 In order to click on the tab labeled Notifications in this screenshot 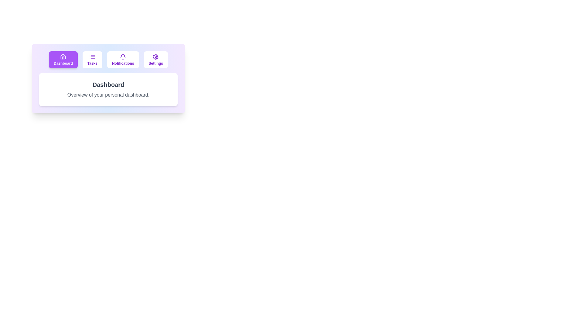, I will do `click(122, 60)`.